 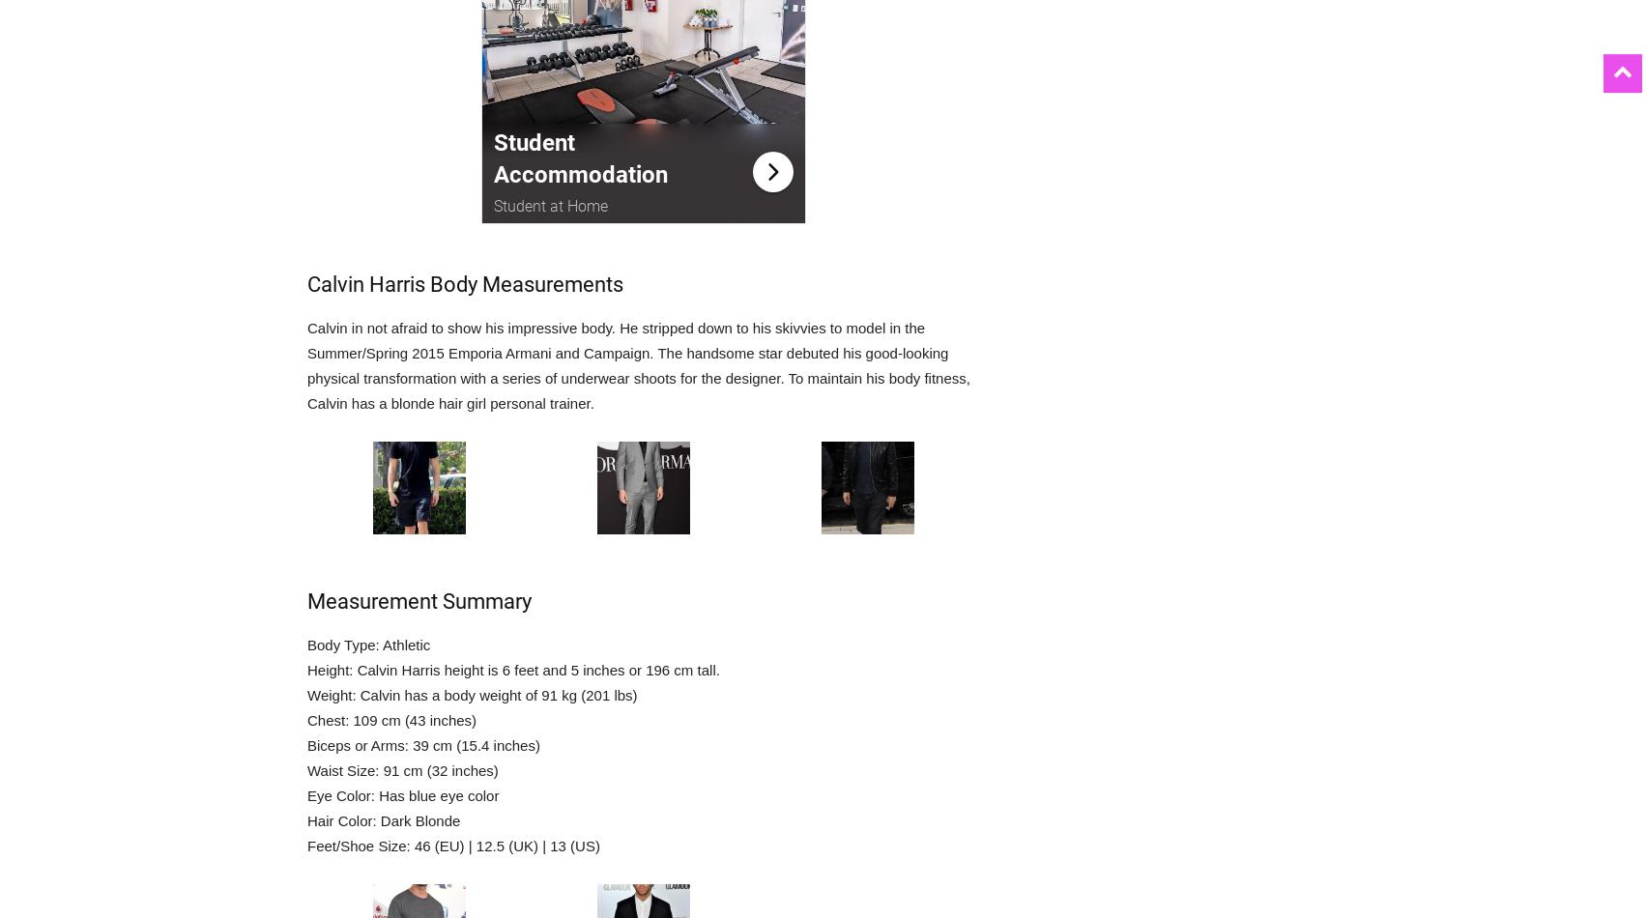 I want to click on 'Eye Color: Has blue eye color', so click(x=401, y=794).